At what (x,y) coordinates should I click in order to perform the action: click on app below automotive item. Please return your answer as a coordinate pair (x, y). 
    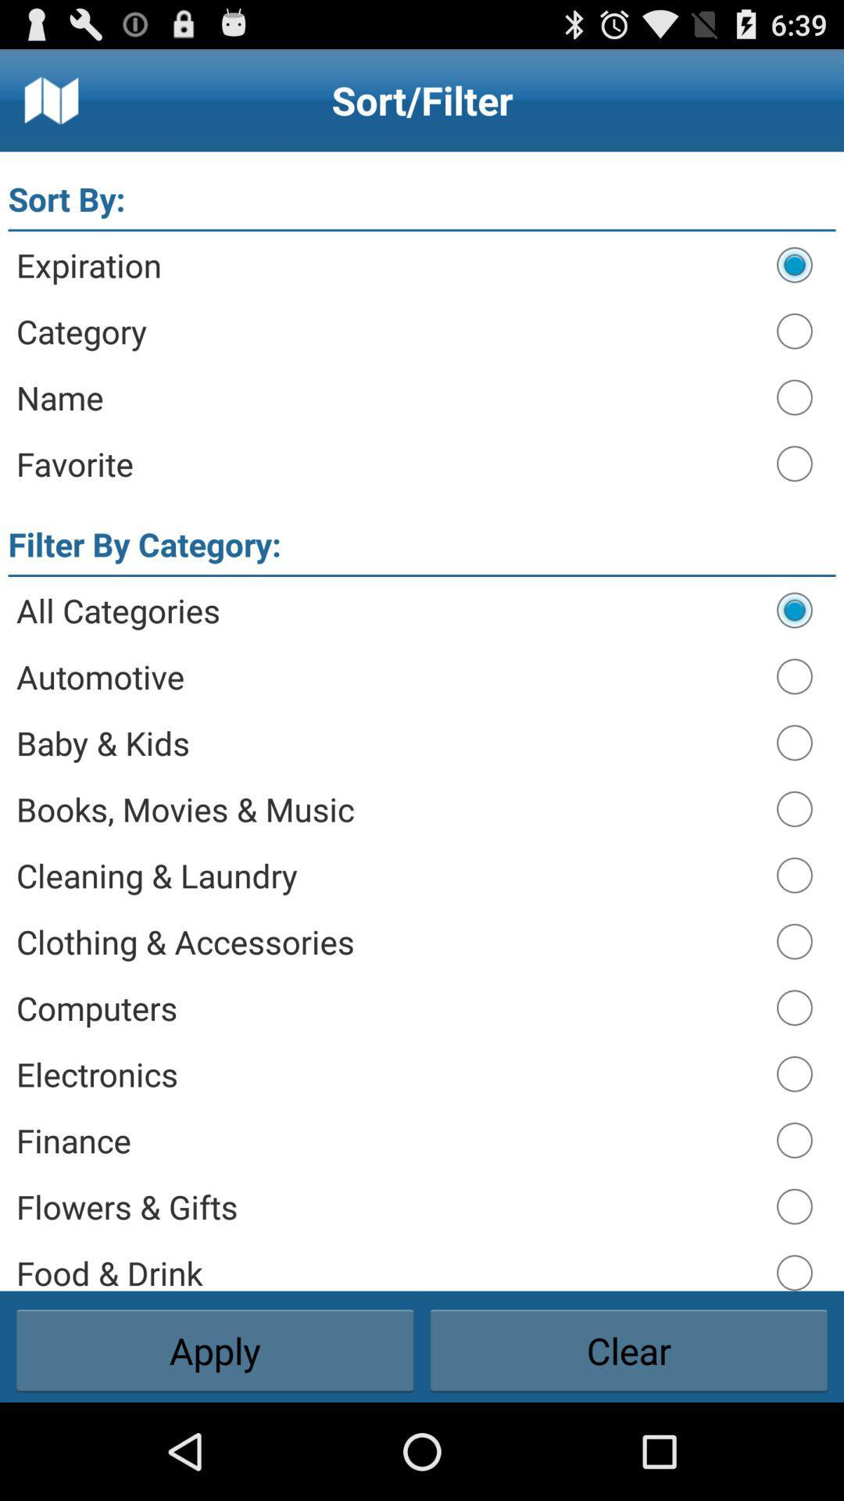
    Looking at the image, I should click on (388, 742).